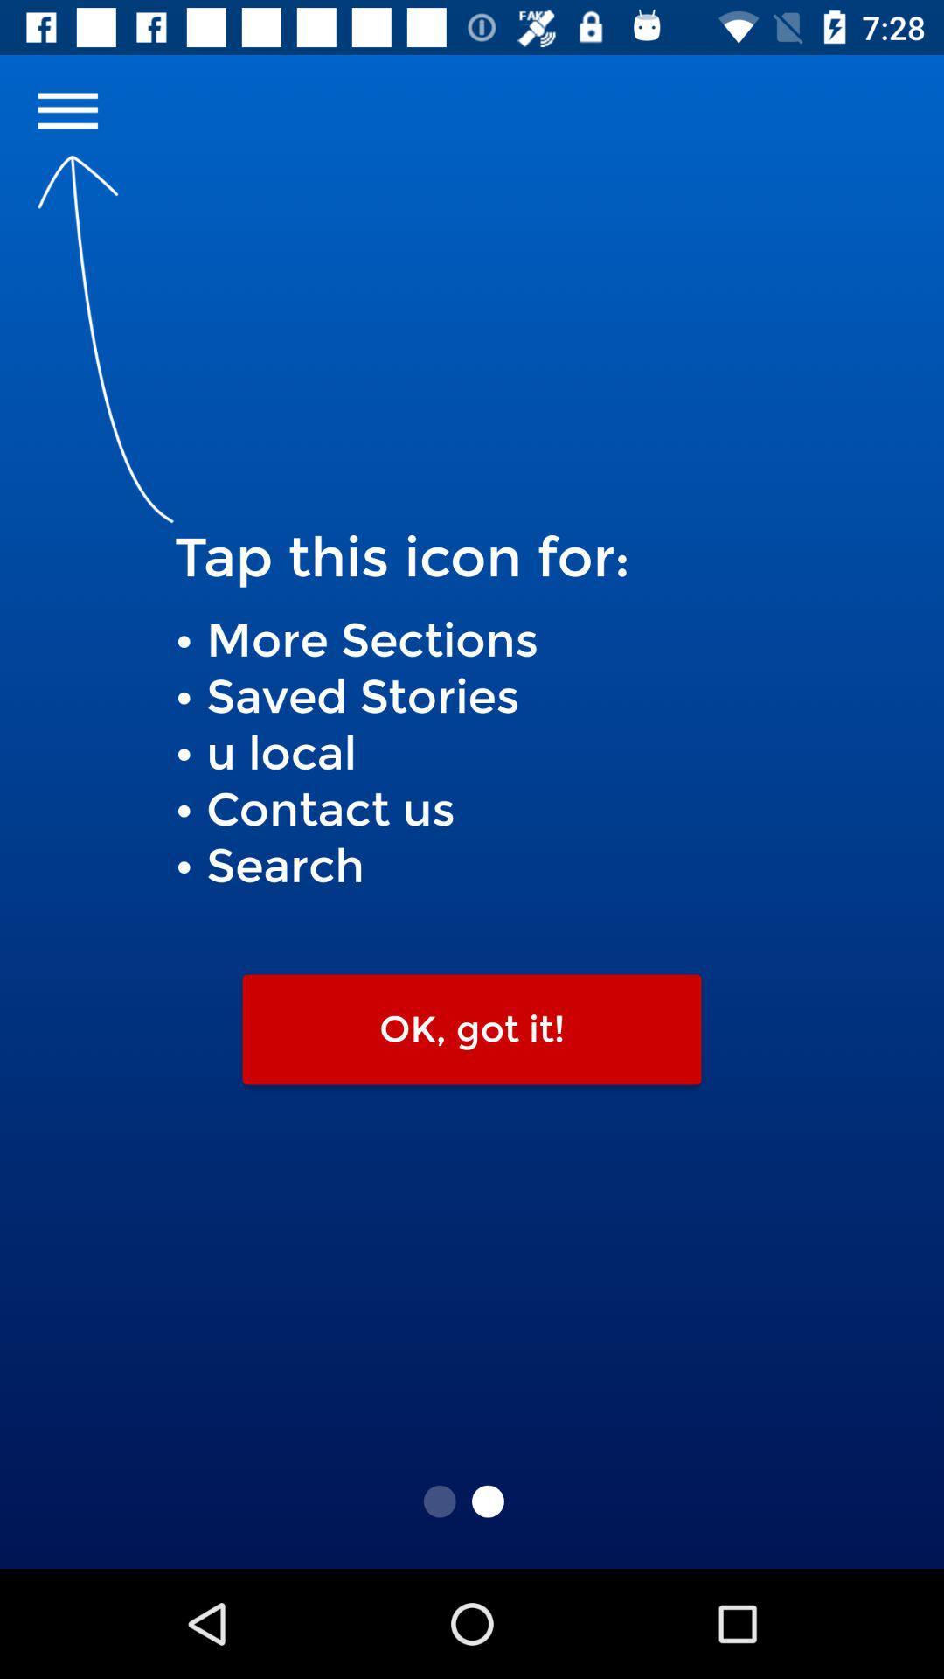 The image size is (944, 1679). Describe the element at coordinates (472, 1029) in the screenshot. I see `item below more sections saved item` at that location.